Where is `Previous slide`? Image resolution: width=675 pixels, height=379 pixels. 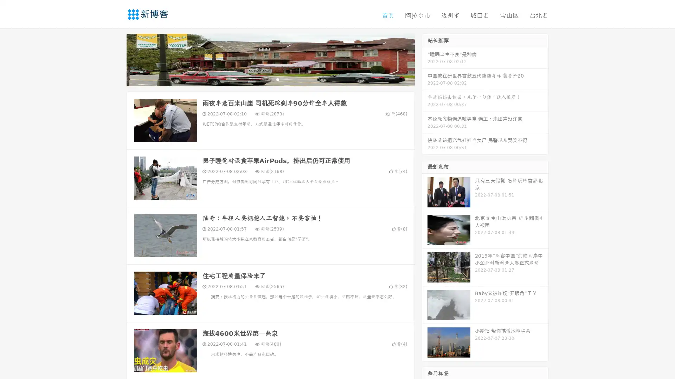 Previous slide is located at coordinates (116, 59).